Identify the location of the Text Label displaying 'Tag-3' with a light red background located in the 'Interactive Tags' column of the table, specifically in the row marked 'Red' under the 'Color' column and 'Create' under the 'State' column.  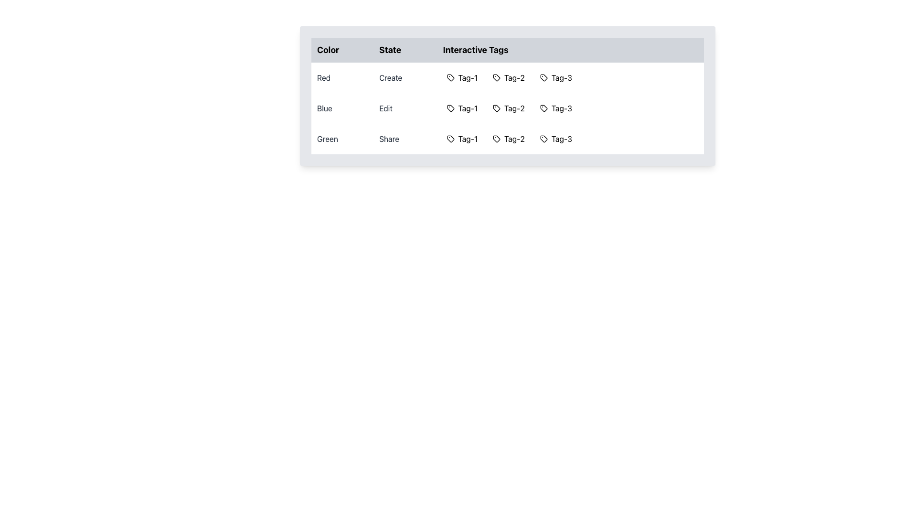
(562, 77).